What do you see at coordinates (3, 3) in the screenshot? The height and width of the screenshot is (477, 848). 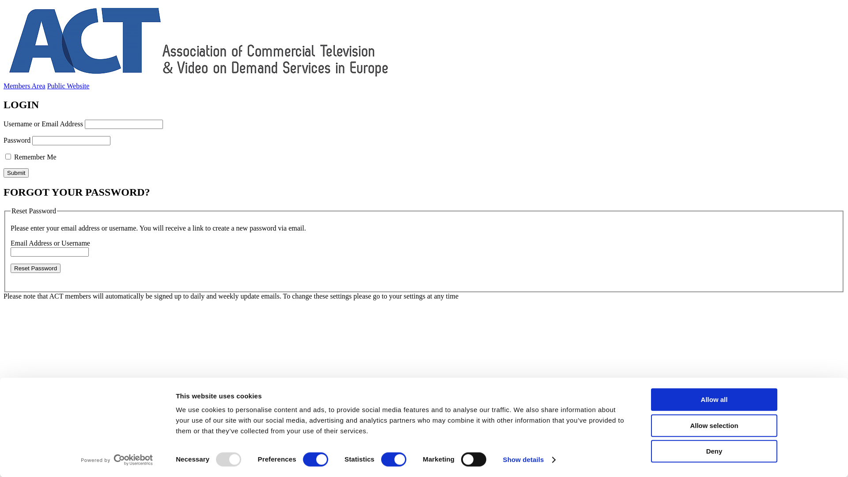 I see `'Skip to content'` at bounding box center [3, 3].